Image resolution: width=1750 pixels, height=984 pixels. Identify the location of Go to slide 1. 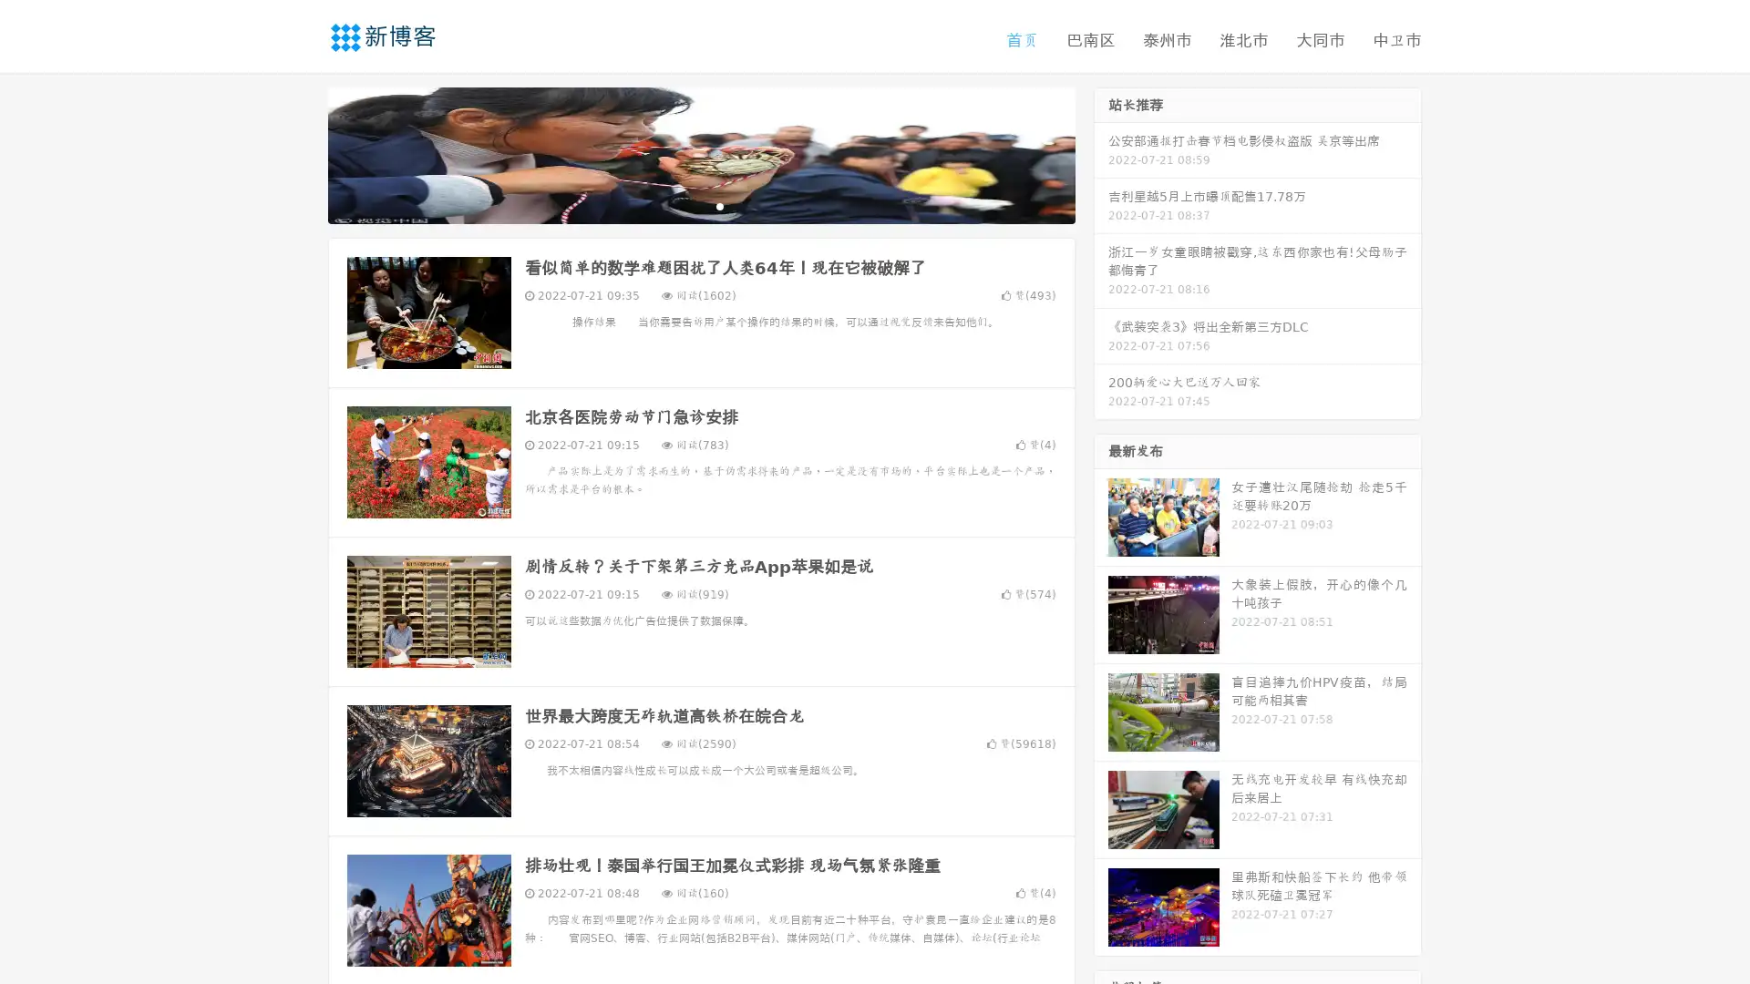
(682, 205).